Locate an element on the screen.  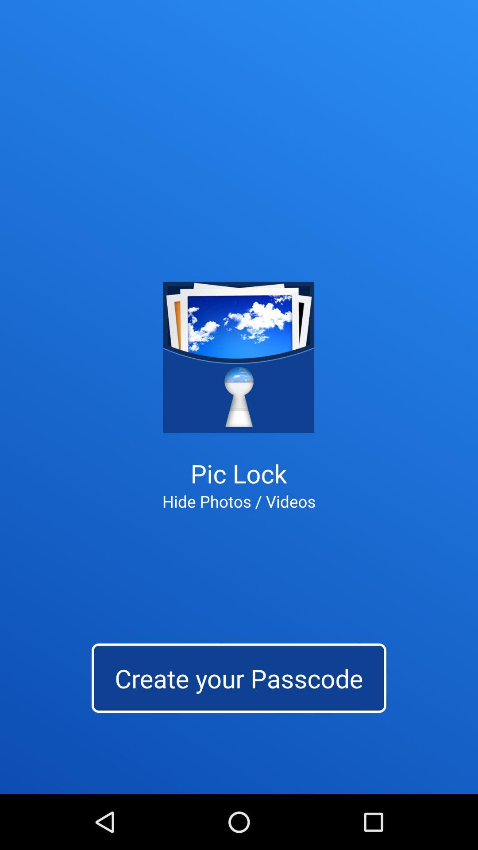
create your passcode item is located at coordinates (239, 677).